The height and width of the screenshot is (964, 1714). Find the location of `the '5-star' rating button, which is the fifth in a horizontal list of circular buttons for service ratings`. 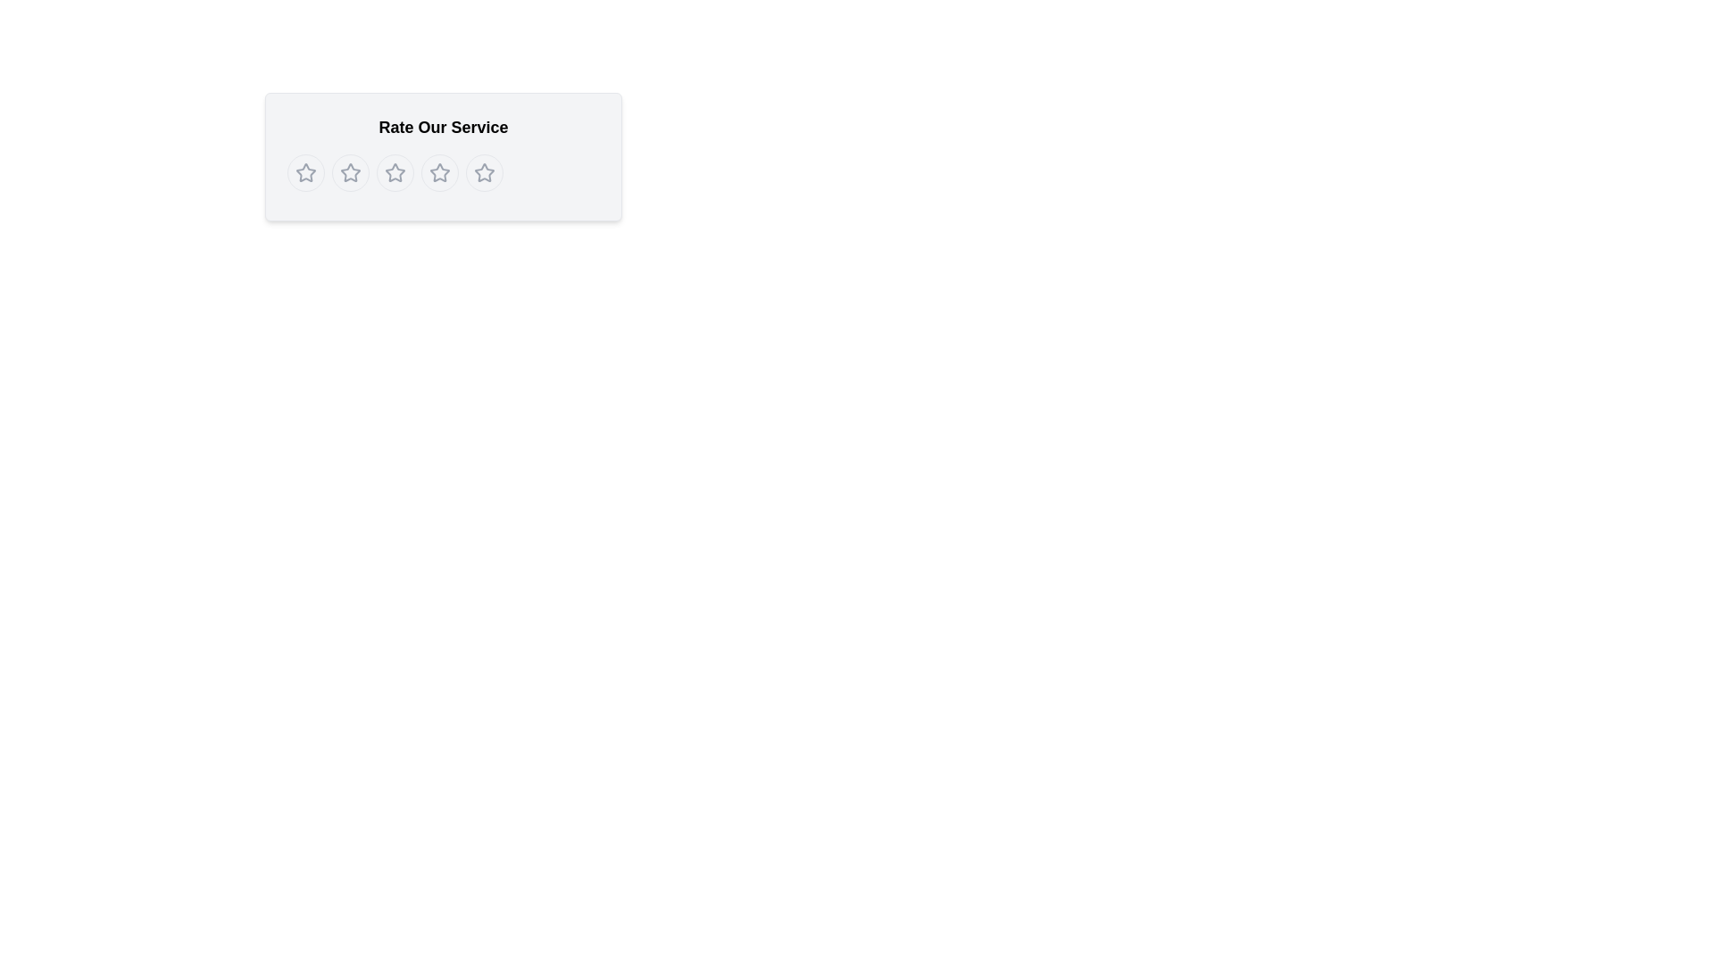

the '5-star' rating button, which is the fifth in a horizontal list of circular buttons for service ratings is located at coordinates (484, 172).